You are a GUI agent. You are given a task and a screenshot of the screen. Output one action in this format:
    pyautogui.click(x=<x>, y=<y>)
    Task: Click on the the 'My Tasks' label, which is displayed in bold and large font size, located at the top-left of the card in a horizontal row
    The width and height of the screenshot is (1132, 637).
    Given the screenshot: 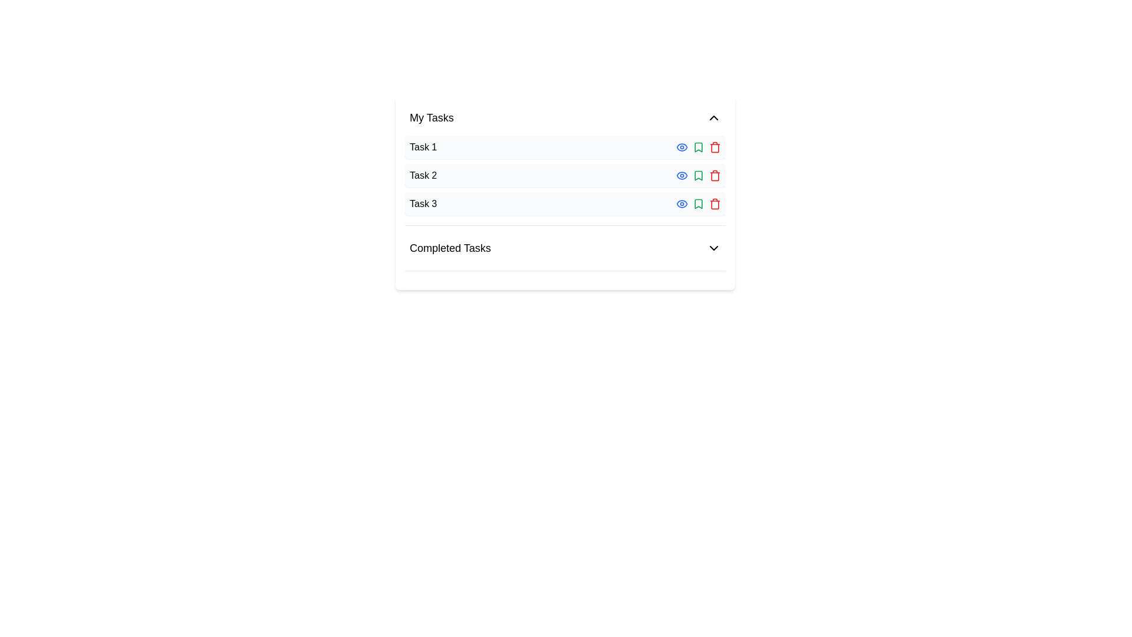 What is the action you would take?
    pyautogui.click(x=431, y=118)
    